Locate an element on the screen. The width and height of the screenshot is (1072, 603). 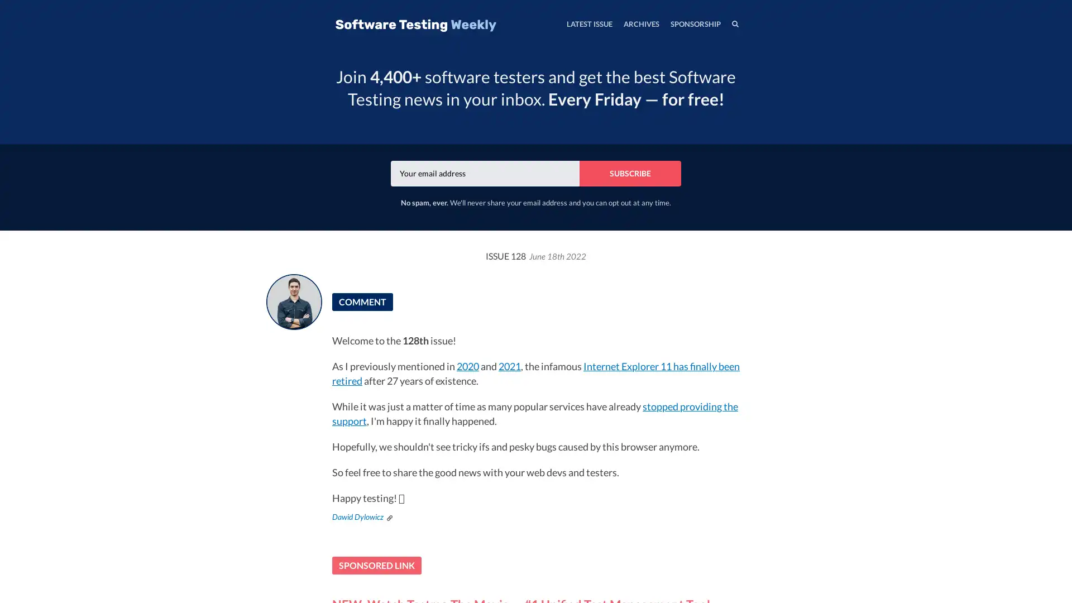
TOGGLE MENU is located at coordinates (334, 2).